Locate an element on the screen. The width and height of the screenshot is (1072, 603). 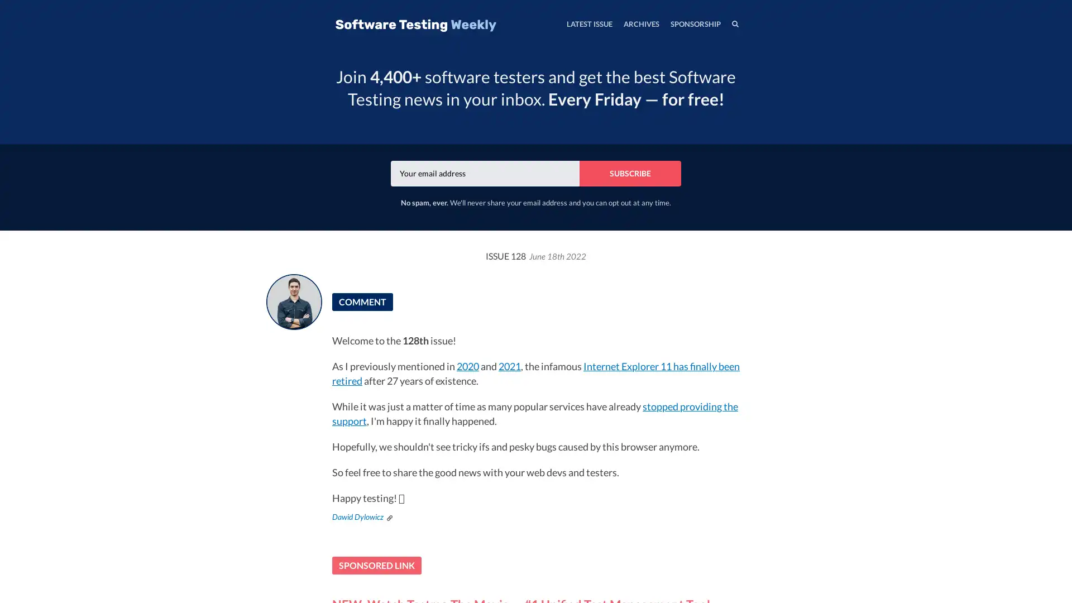
TOGGLE MENU is located at coordinates (334, 2).